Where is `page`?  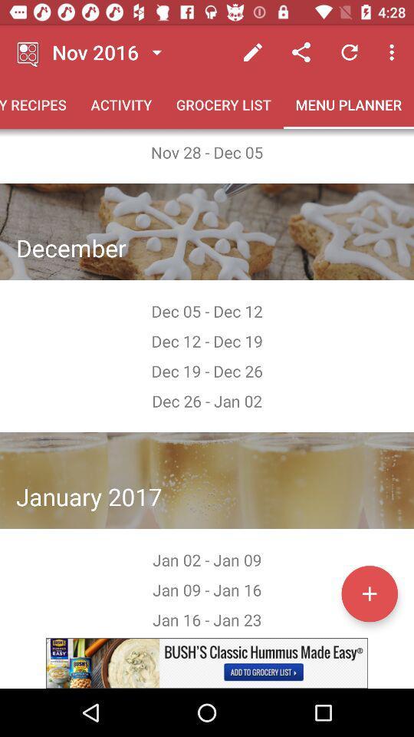 page is located at coordinates (369, 593).